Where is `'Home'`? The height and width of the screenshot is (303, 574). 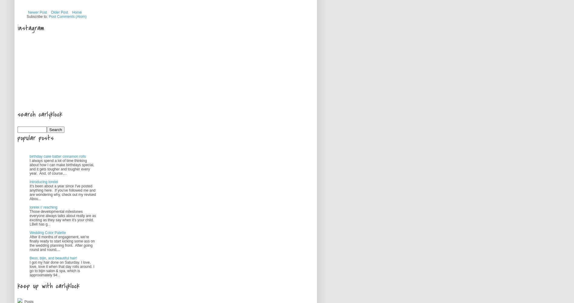
'Home' is located at coordinates (76, 12).